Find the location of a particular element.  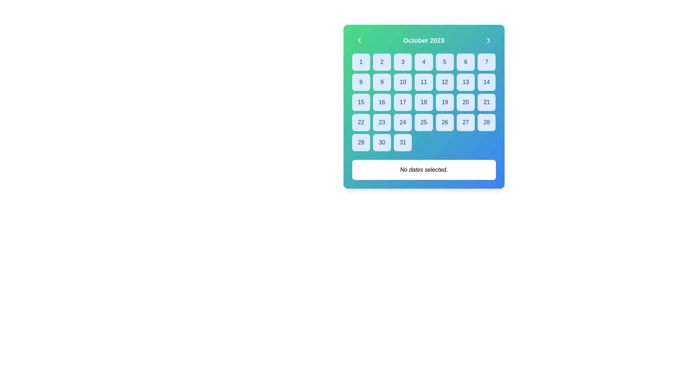

the day in the calendar grid located below the heading 'October 2023' is located at coordinates (424, 102).